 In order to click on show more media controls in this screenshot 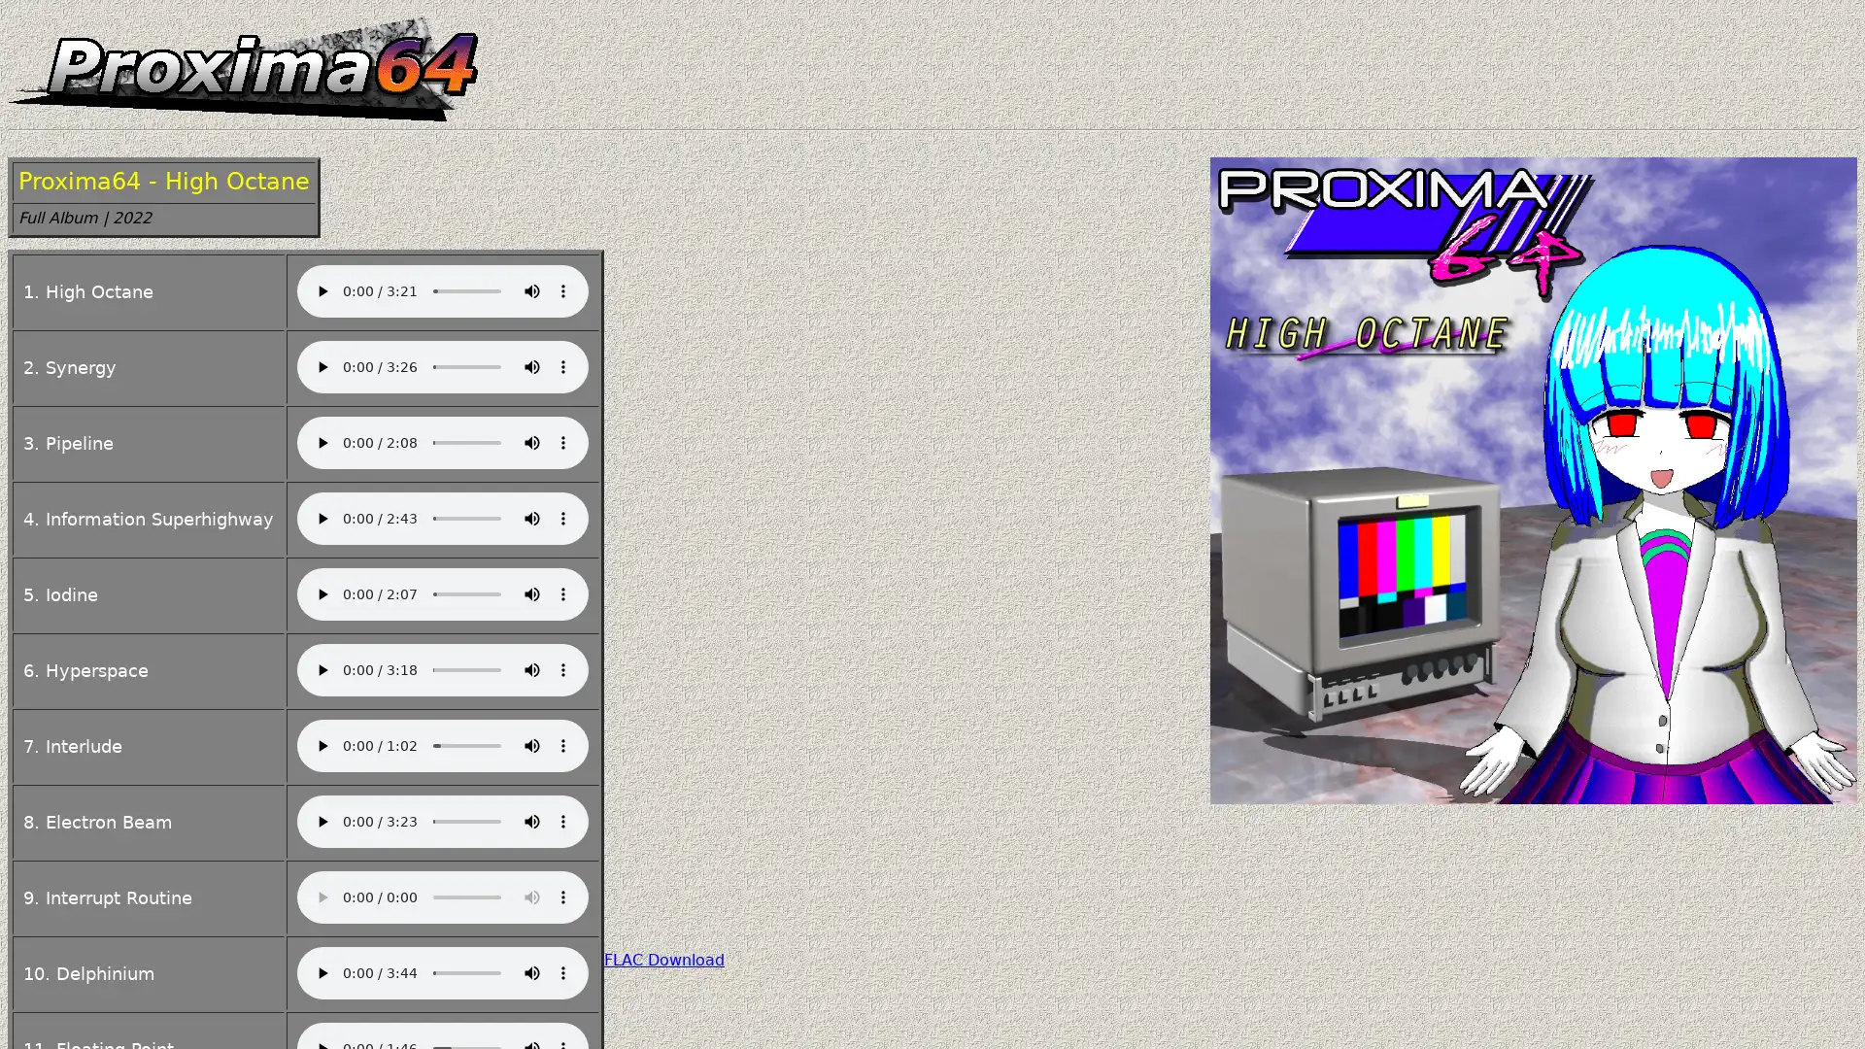, I will do `click(562, 291)`.